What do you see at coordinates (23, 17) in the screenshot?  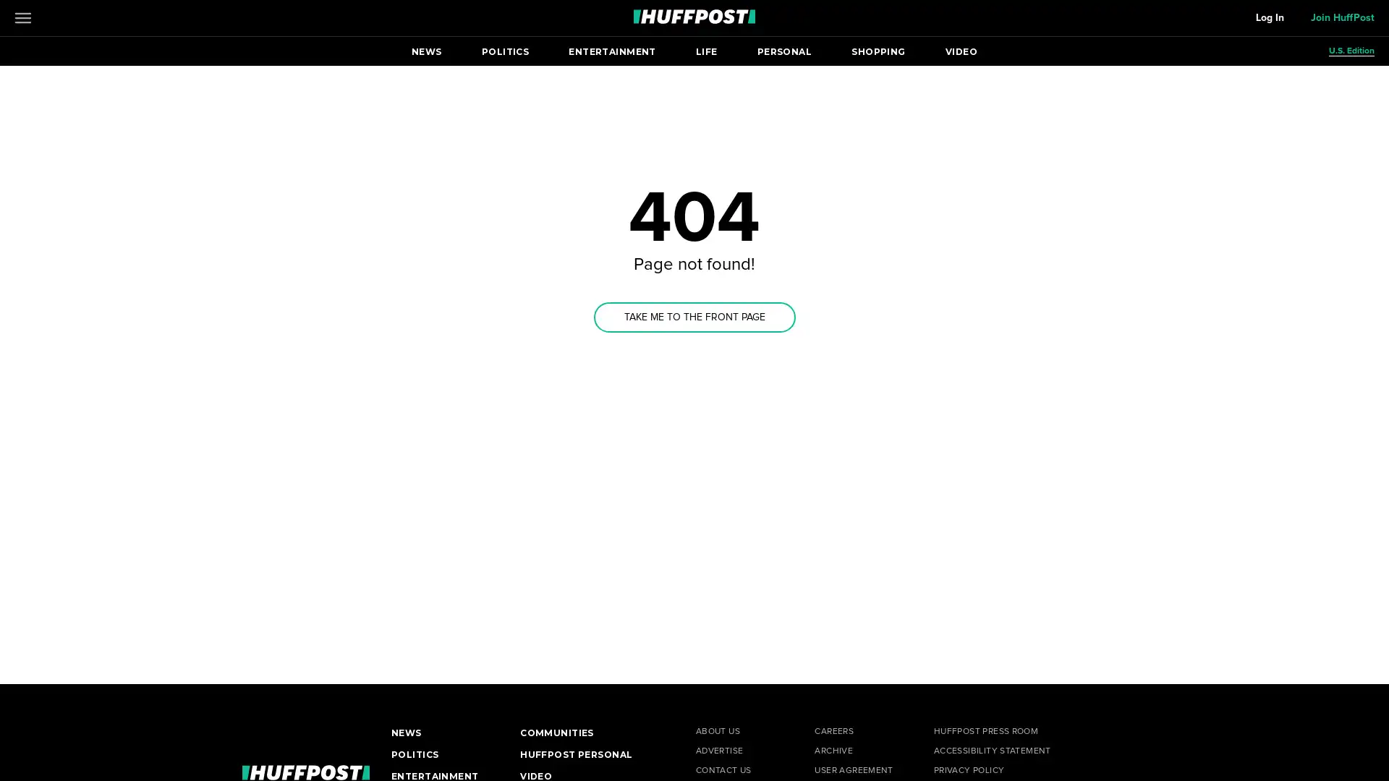 I see `Open main menu` at bounding box center [23, 17].